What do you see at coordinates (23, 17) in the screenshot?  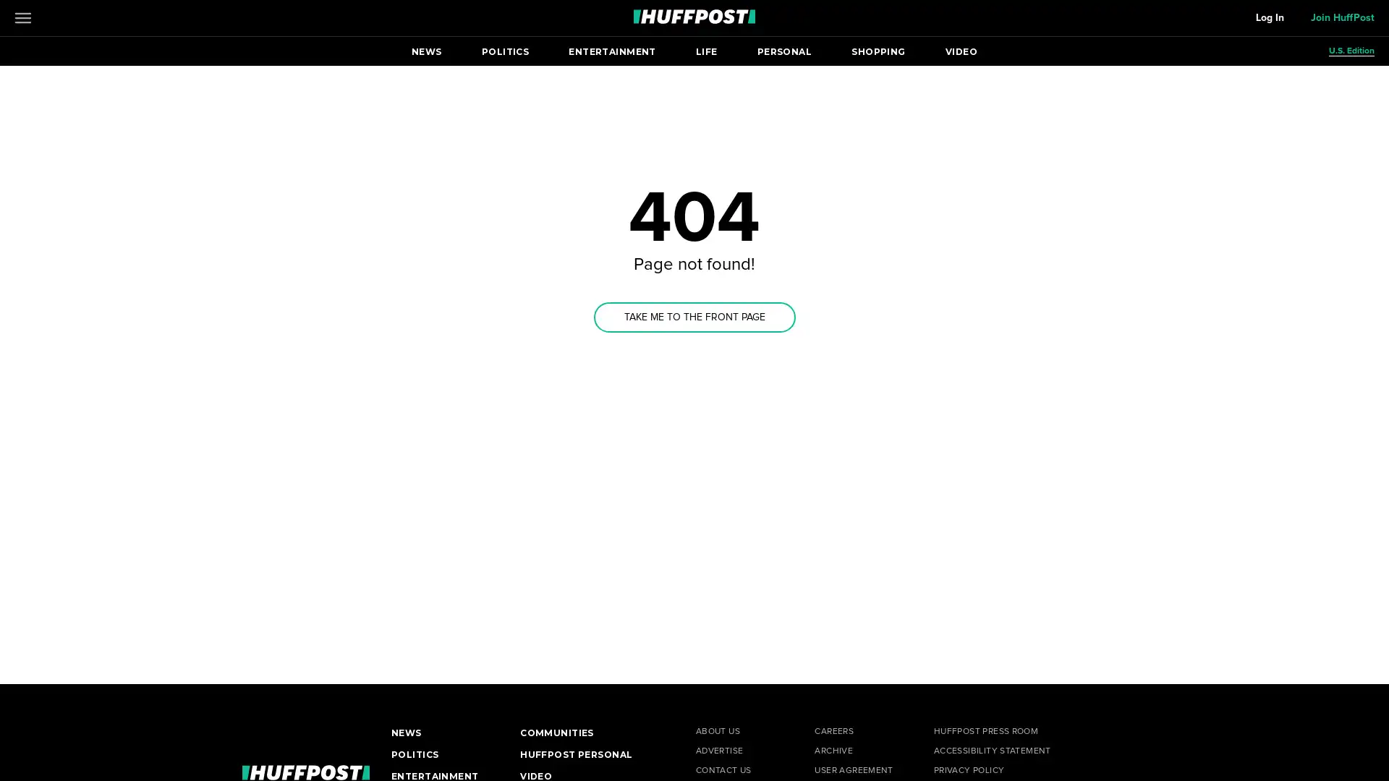 I see `Open main menu` at bounding box center [23, 17].